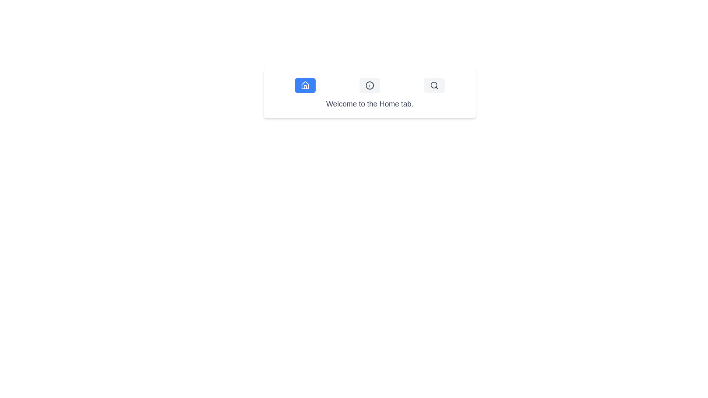 The height and width of the screenshot is (398, 708). Describe the element at coordinates (305, 85) in the screenshot. I see `the house icon located in the leftmost button of a group of three buttons, highlighted in blue` at that location.